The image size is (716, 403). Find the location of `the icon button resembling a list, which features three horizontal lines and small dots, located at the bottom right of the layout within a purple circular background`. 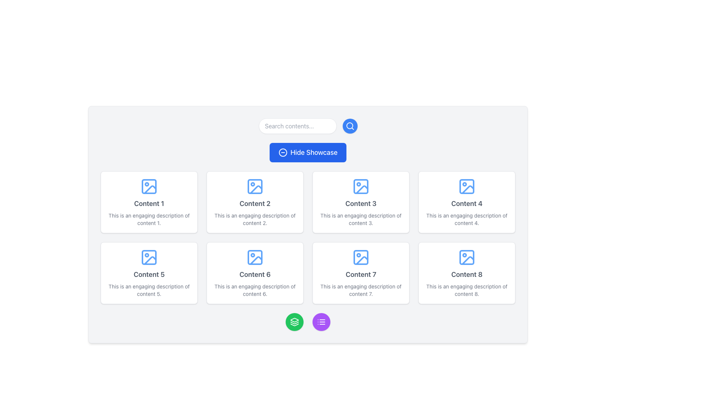

the icon button resembling a list, which features three horizontal lines and small dots, located at the bottom right of the layout within a purple circular background is located at coordinates (321, 322).